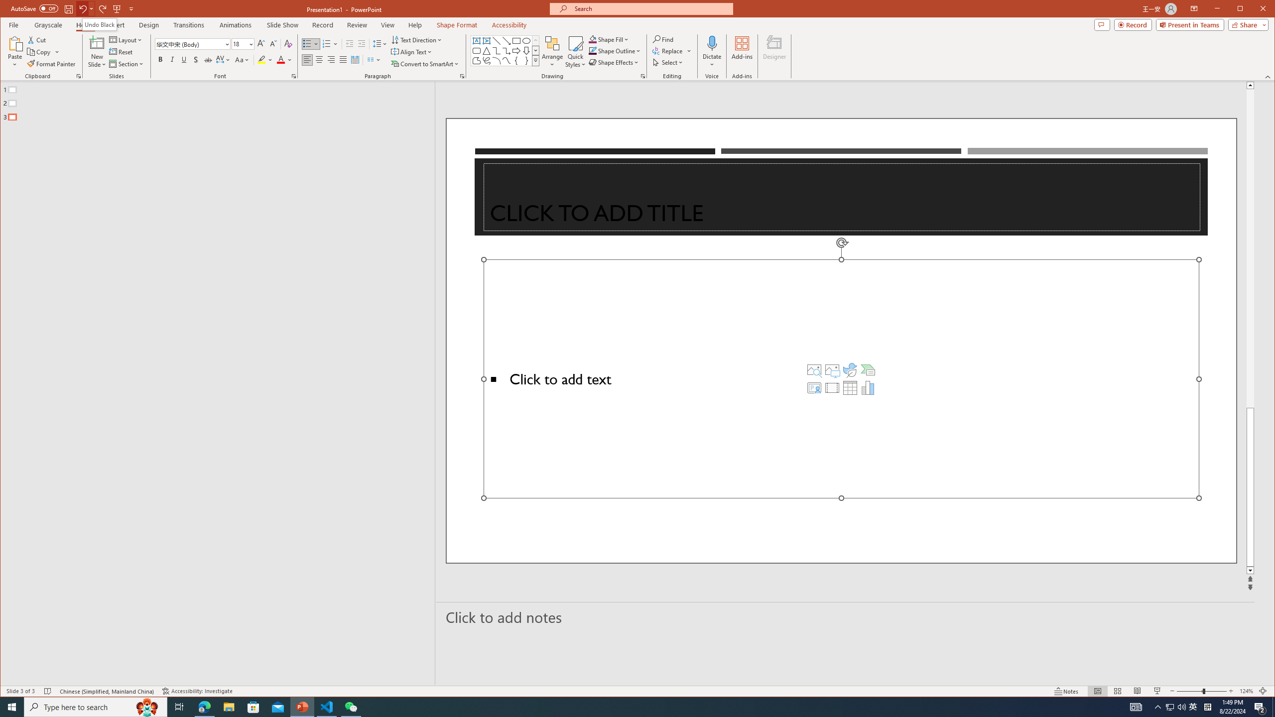  I want to click on 'Insert an Icon', so click(850, 369).